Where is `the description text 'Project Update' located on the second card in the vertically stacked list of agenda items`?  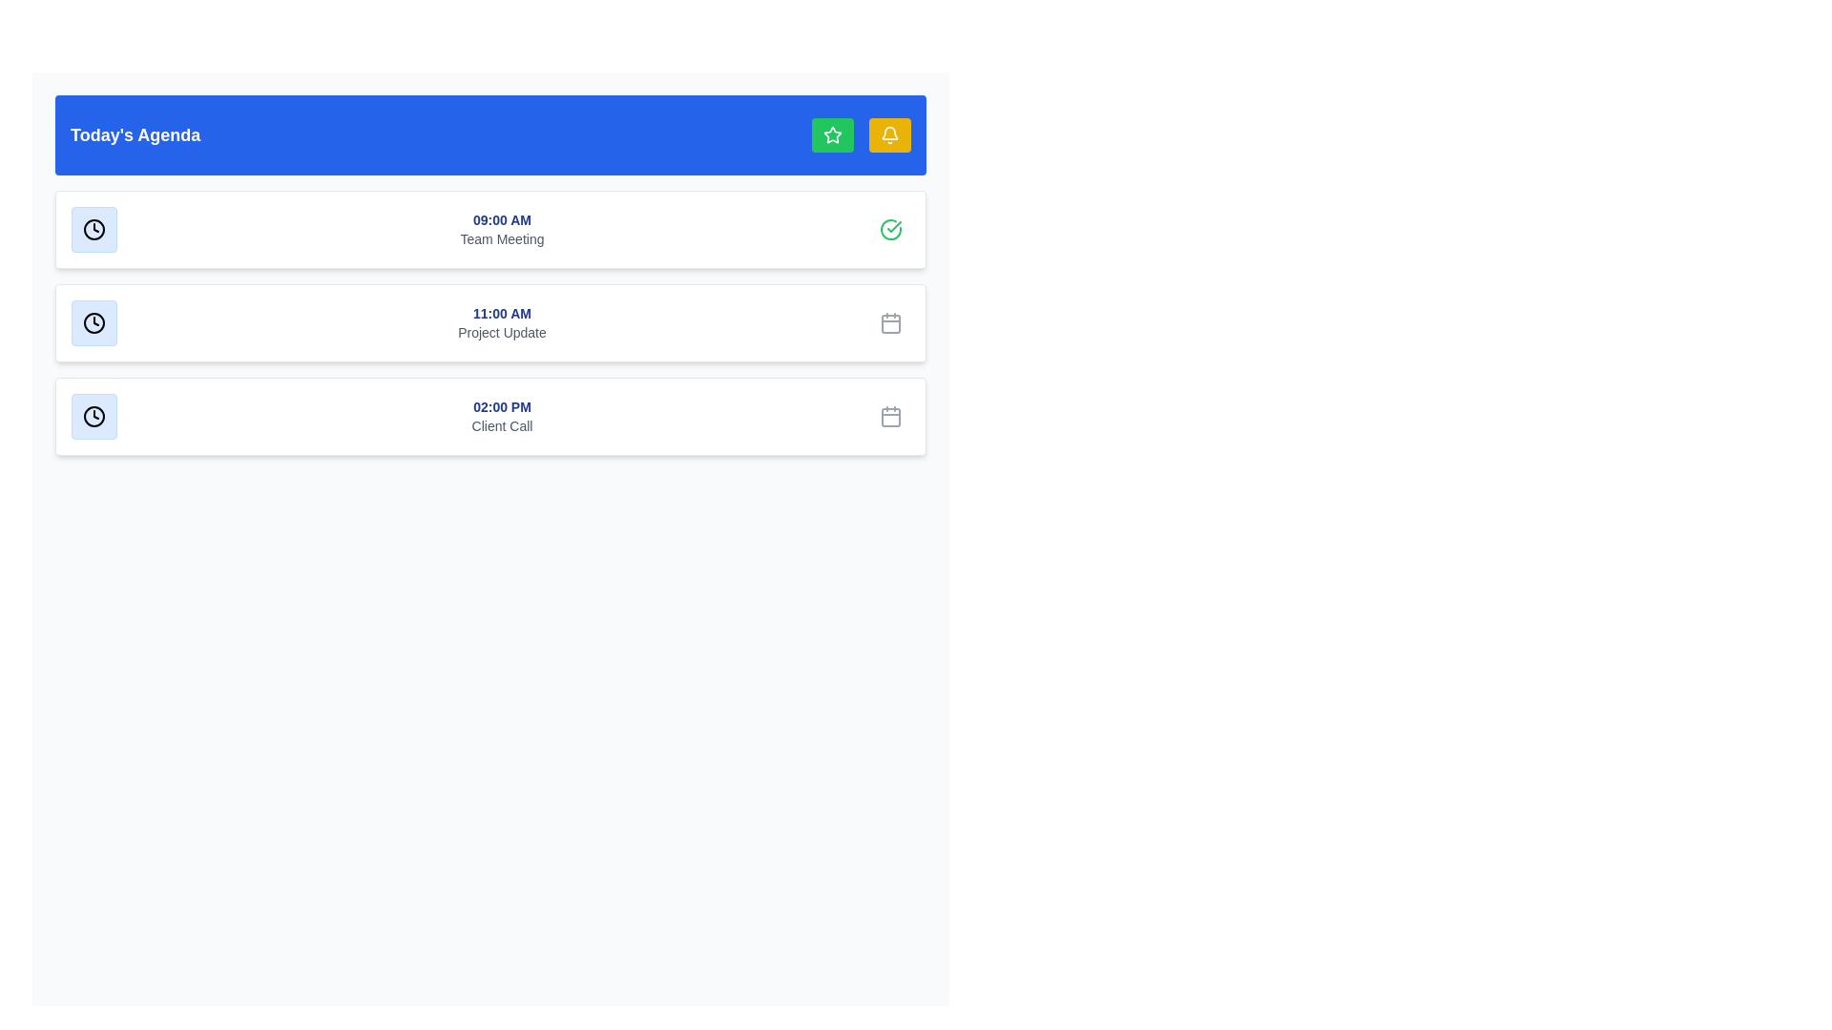 the description text 'Project Update' located on the second card in the vertically stacked list of agenda items is located at coordinates (490, 322).